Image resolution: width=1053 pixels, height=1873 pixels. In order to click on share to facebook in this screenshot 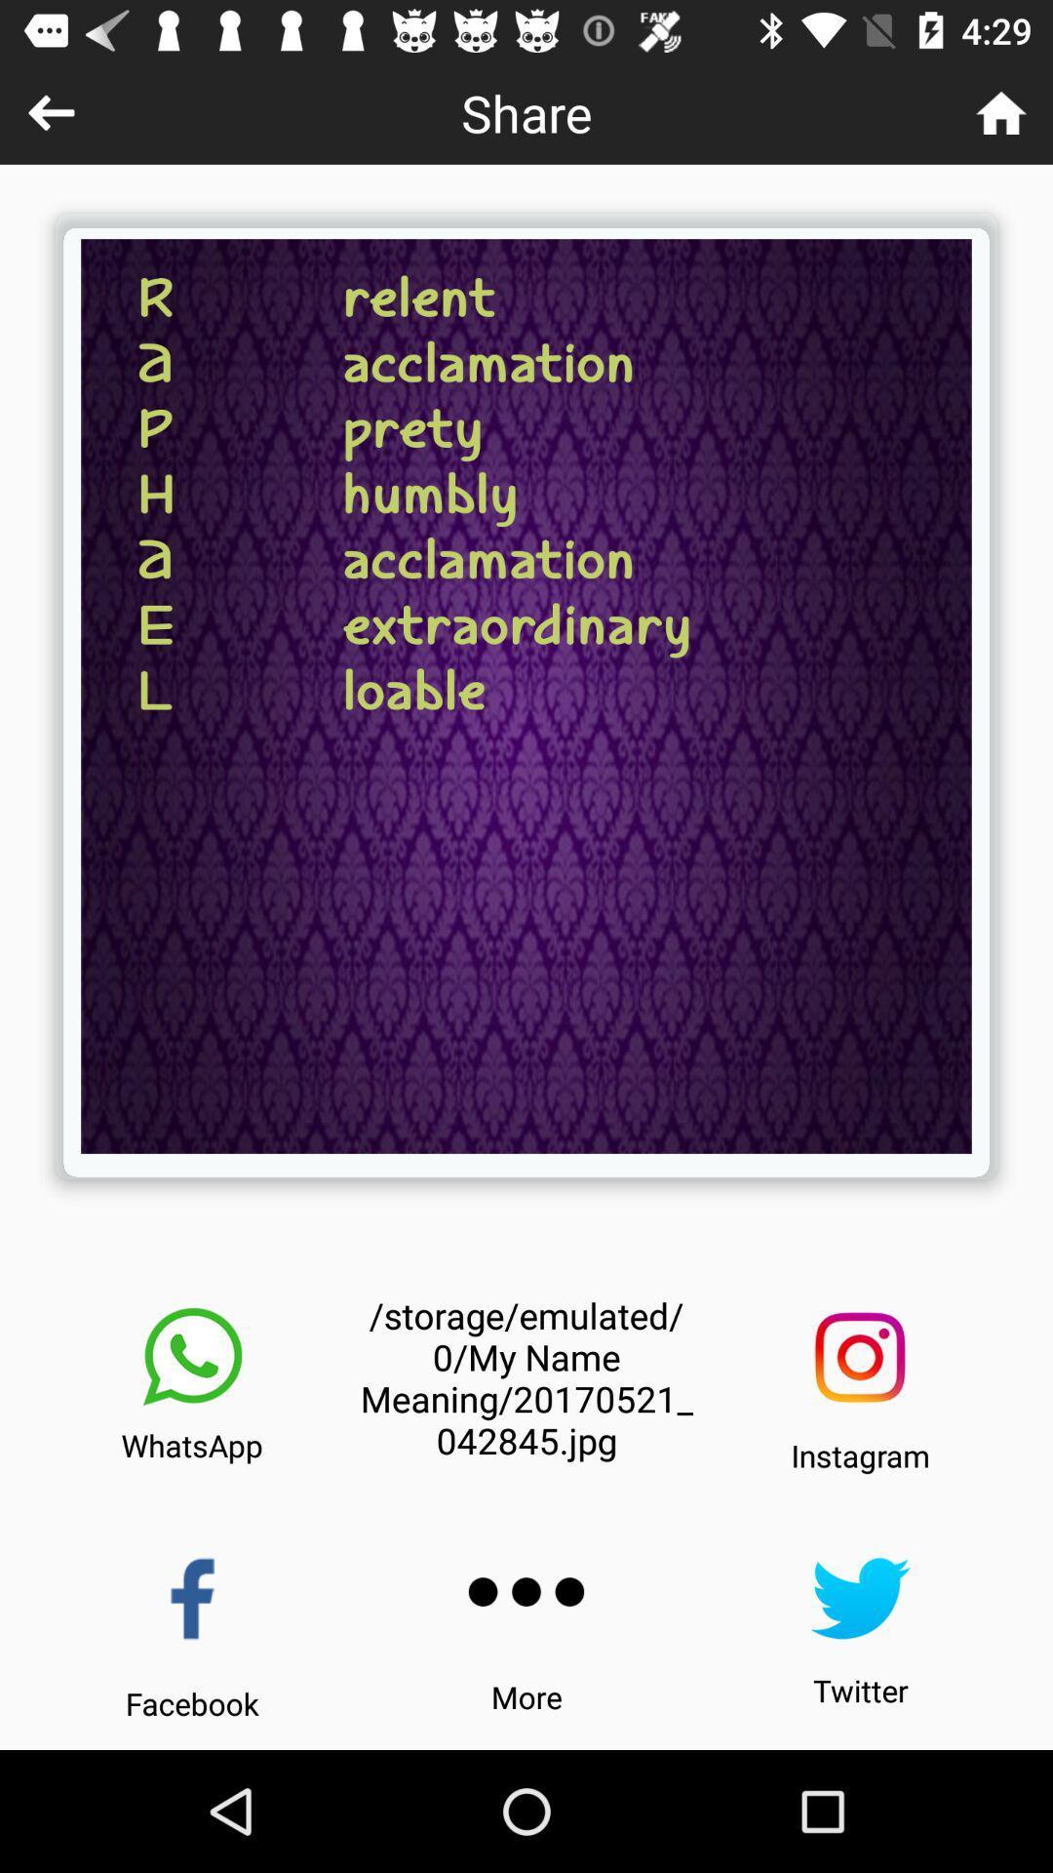, I will do `click(192, 1599)`.